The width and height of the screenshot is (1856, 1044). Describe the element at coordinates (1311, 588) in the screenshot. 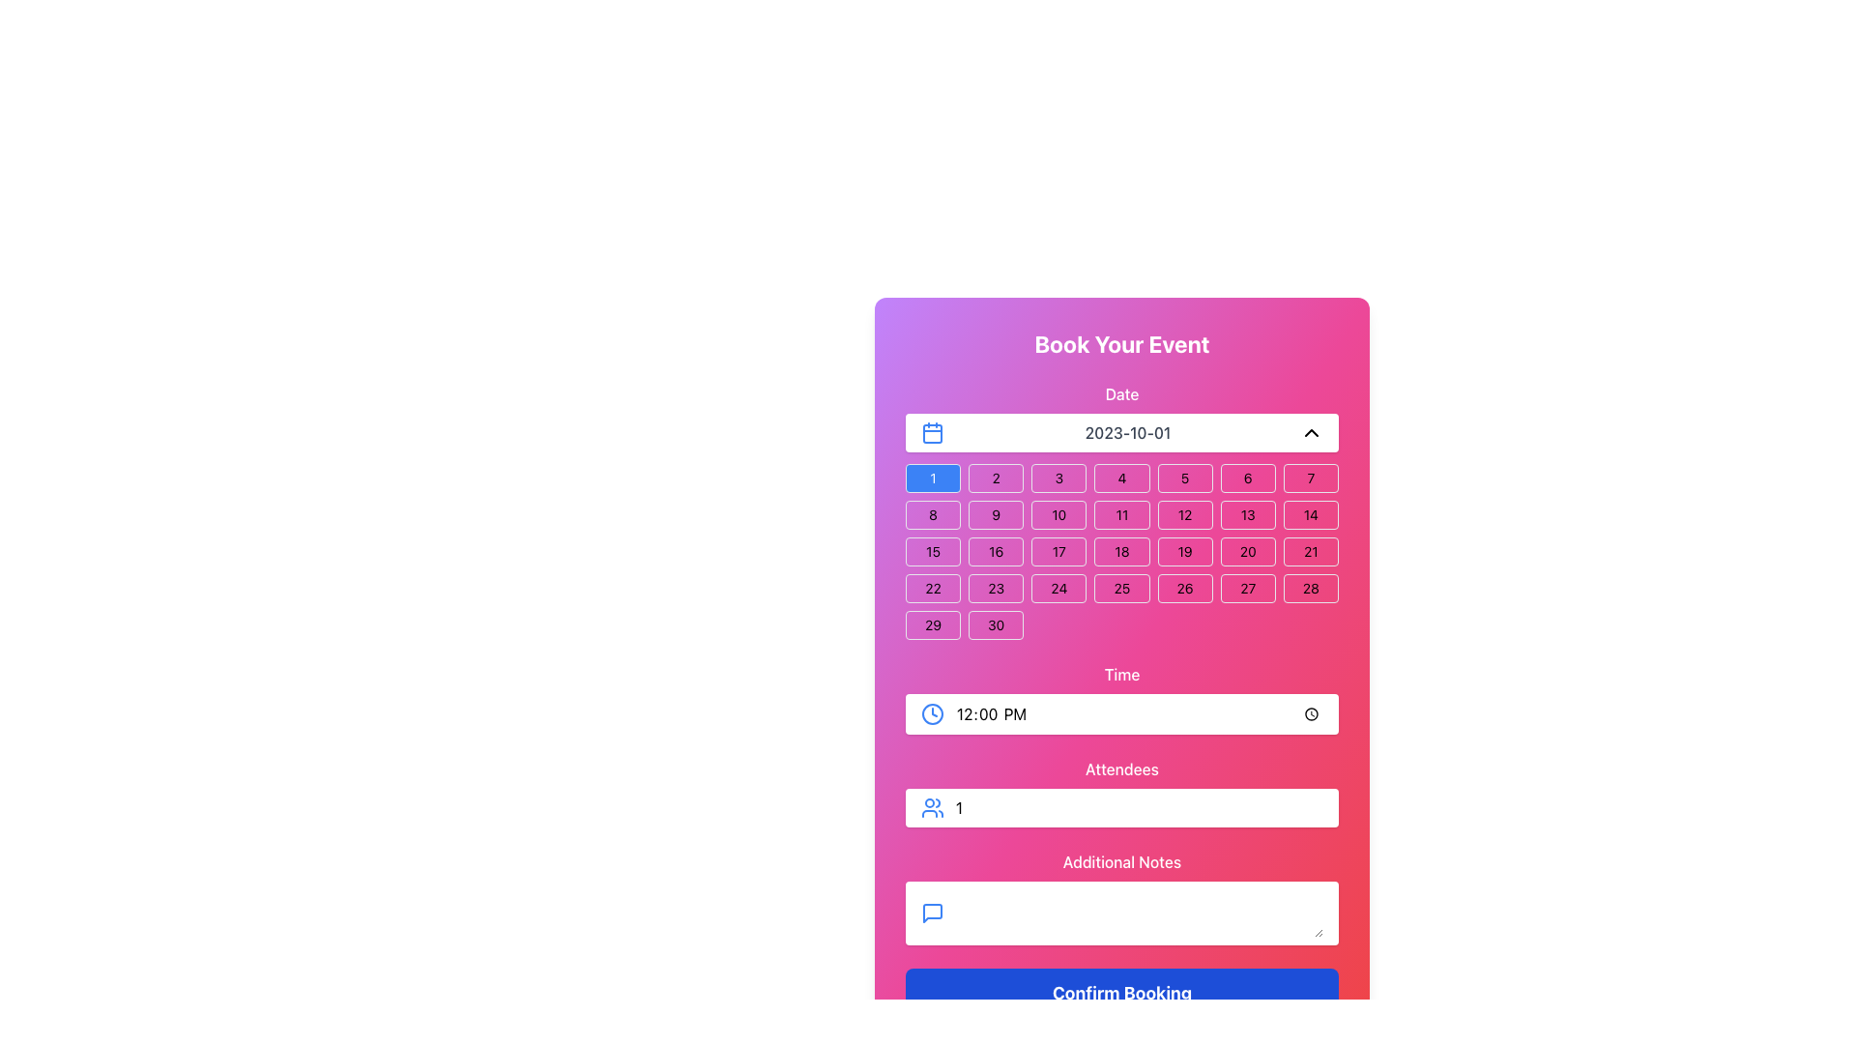

I see `the small rectangular button labeled '28' in the calendar grid` at that location.